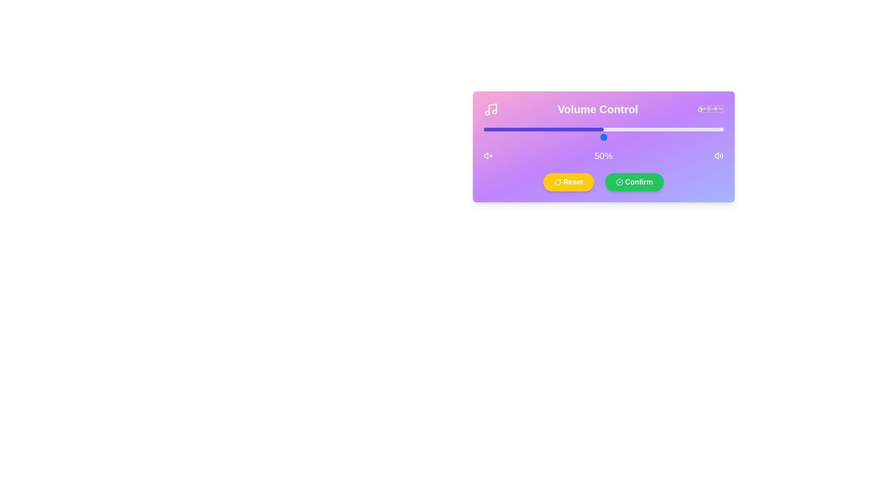  What do you see at coordinates (603, 155) in the screenshot?
I see `the text label displaying '50%' located in the 'Volume Control' panel` at bounding box center [603, 155].